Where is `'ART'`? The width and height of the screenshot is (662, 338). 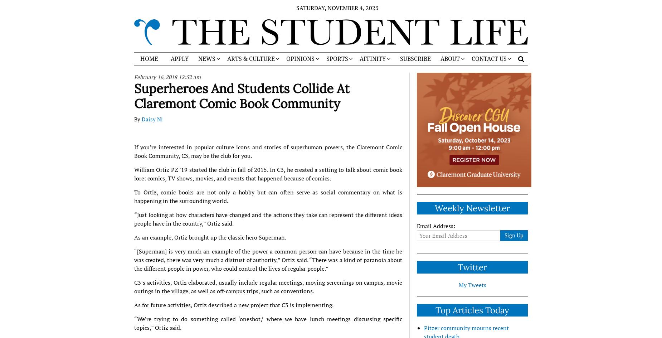 'ART' is located at coordinates (276, 161).